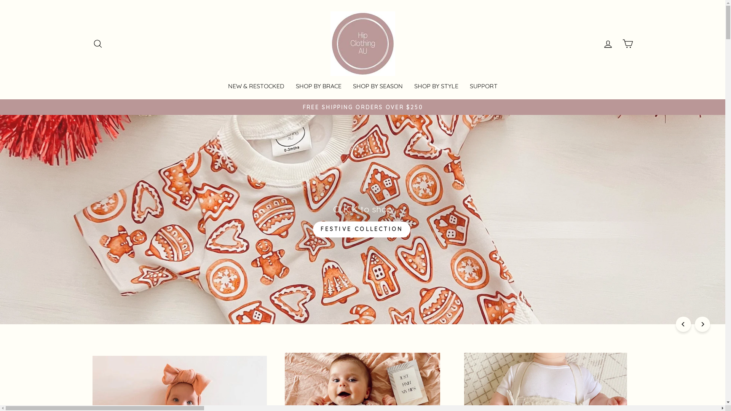  What do you see at coordinates (436, 86) in the screenshot?
I see `'SHOP BY STYLE'` at bounding box center [436, 86].